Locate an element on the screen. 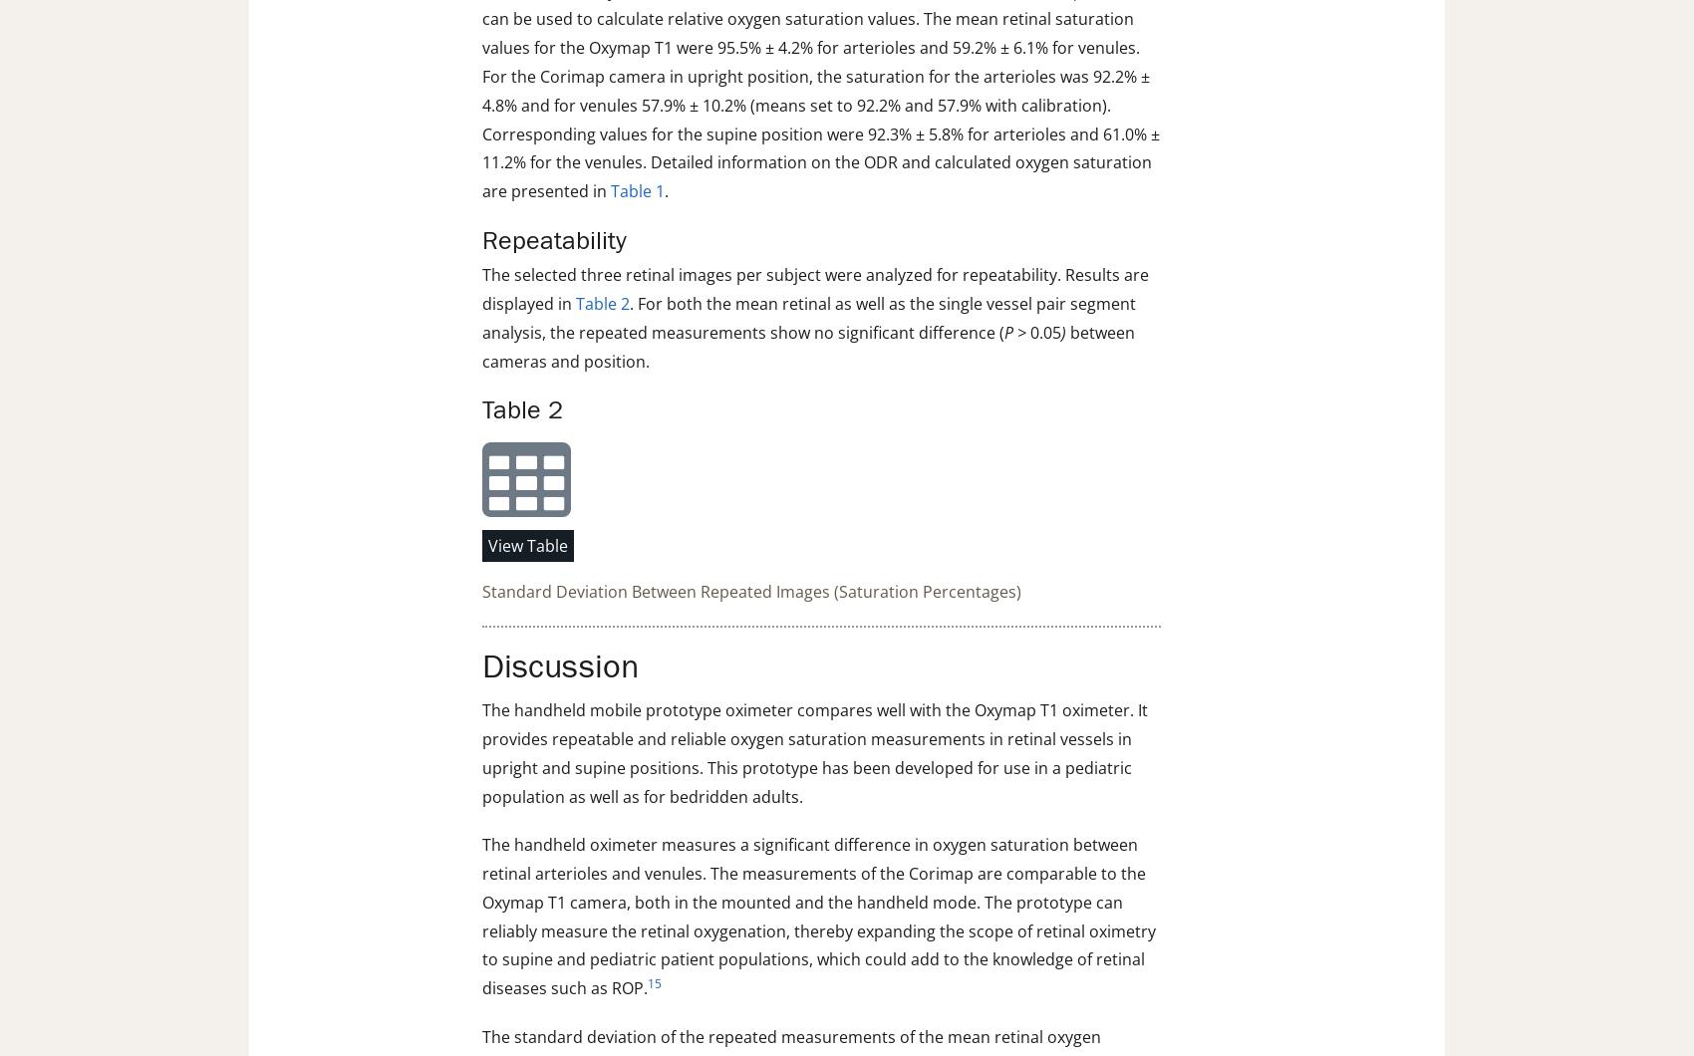 Image resolution: width=1694 pixels, height=1056 pixels. 'P >' is located at coordinates (1013, 332).